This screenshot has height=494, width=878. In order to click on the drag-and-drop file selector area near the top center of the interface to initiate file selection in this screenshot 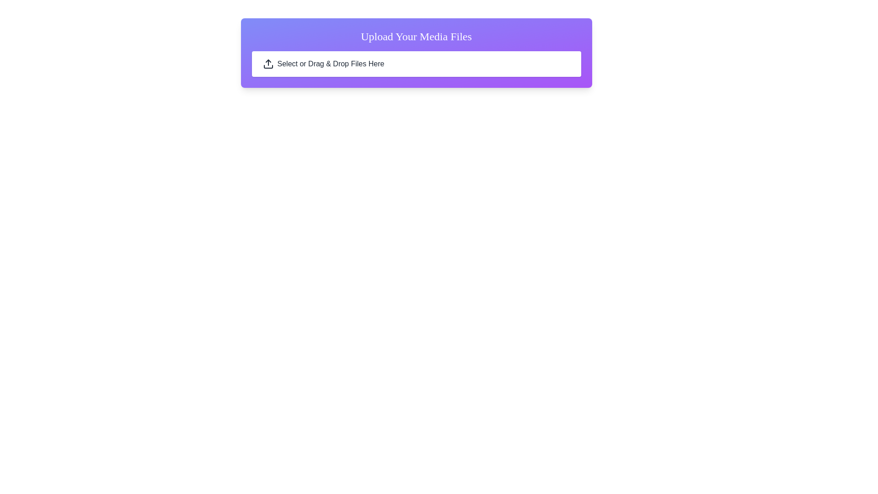, I will do `click(416, 63)`.